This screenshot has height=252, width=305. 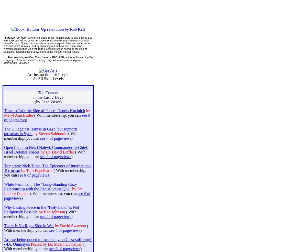 I want to click on 'Tomgram: Nick Turse, The Epicenter of International Terrorism', so click(x=4, y=168).